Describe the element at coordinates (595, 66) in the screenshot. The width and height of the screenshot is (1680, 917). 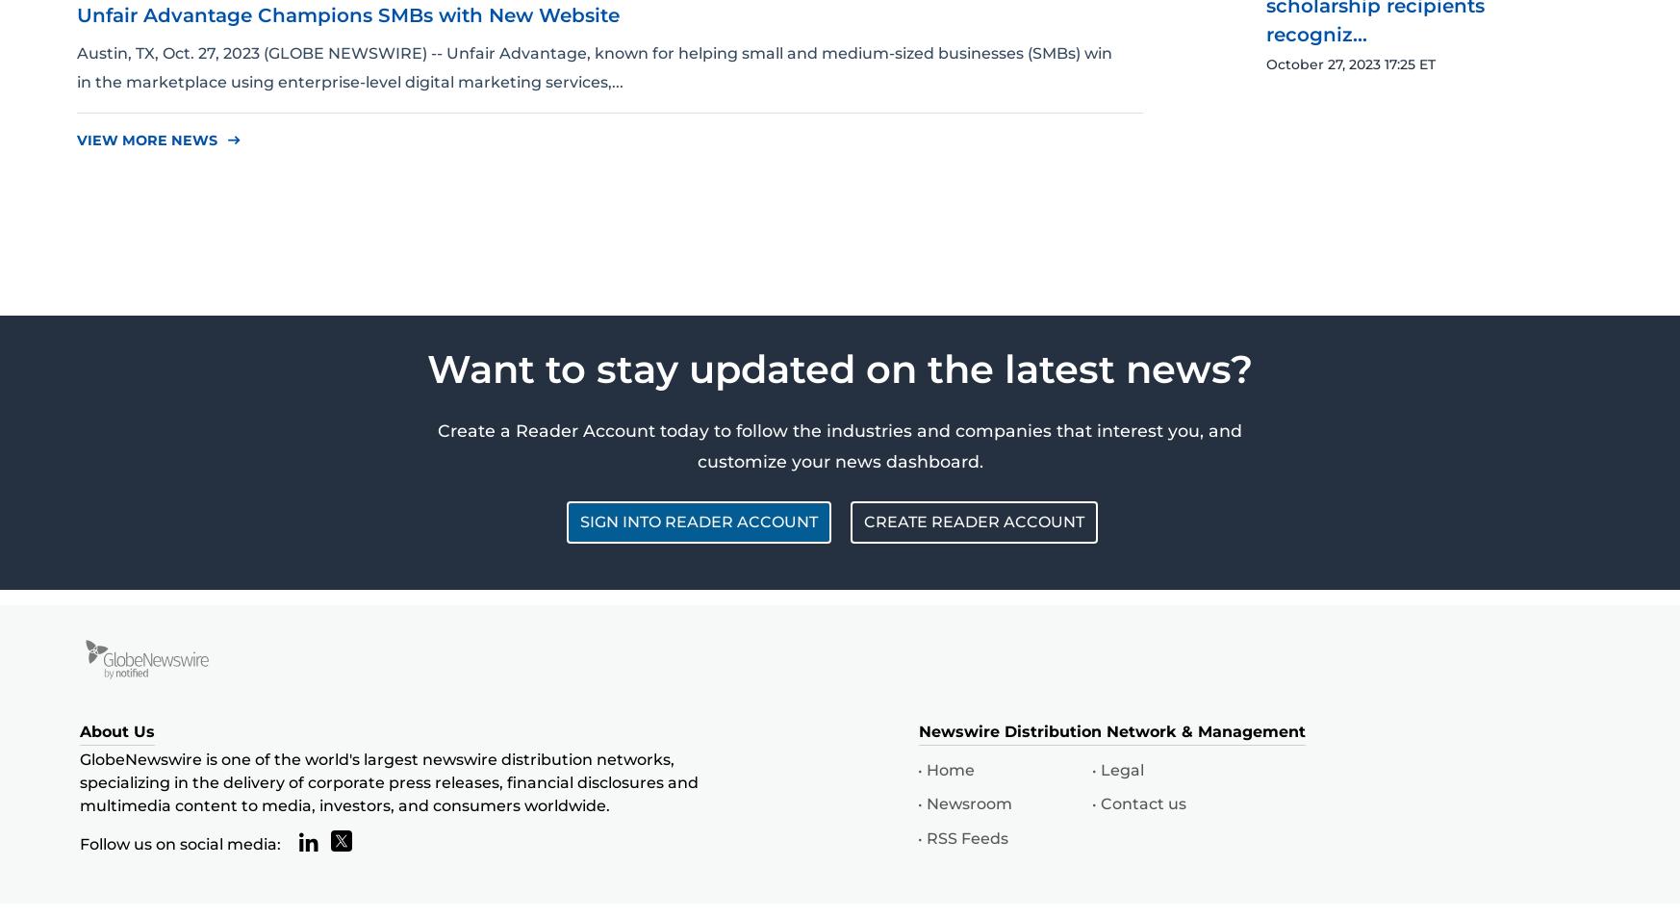
I see `'Austin, TX, Oct.  27, 2023  (GLOBE NEWSWIRE) -- Unfair Advantage, known for helping small and medium-sized businesses (SMBs) win in the marketplace using enterprise-level digital marketing services,...'` at that location.